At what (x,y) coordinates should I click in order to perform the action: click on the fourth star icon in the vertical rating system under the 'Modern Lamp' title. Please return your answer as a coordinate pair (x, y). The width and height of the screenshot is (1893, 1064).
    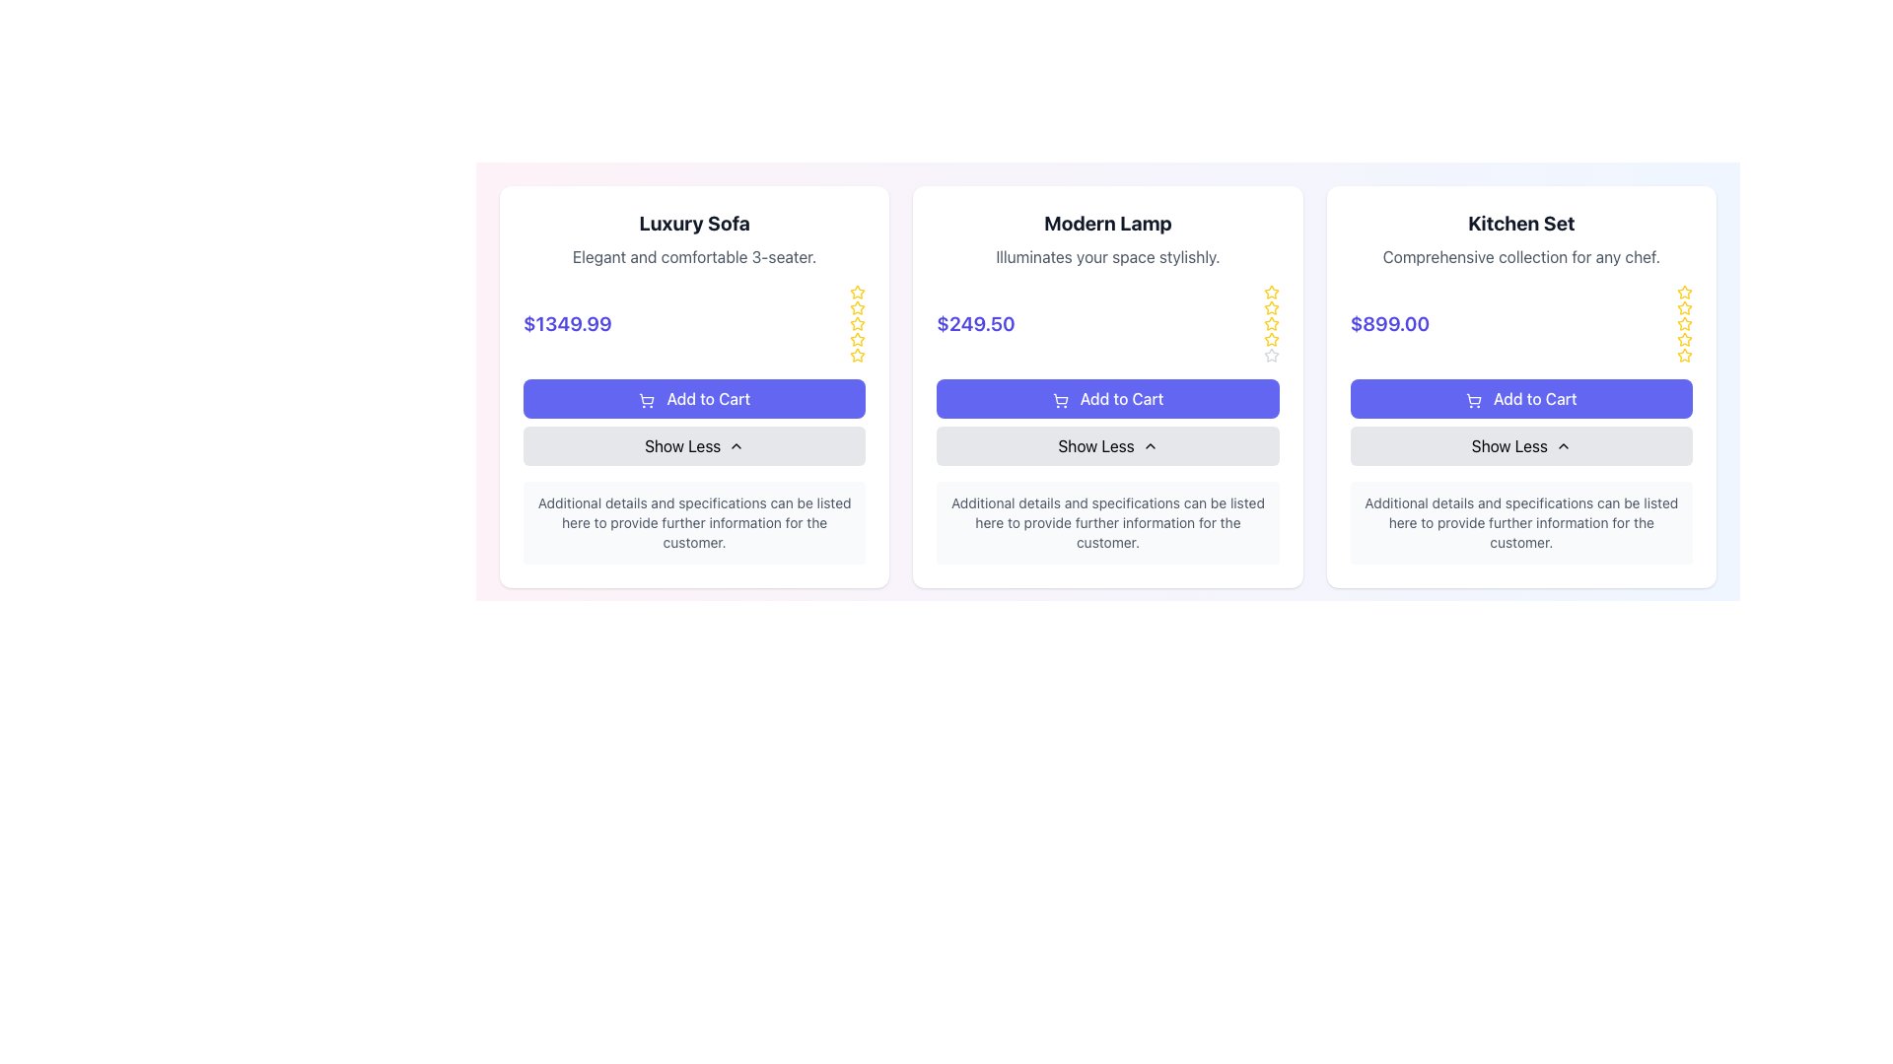
    Looking at the image, I should click on (1271, 355).